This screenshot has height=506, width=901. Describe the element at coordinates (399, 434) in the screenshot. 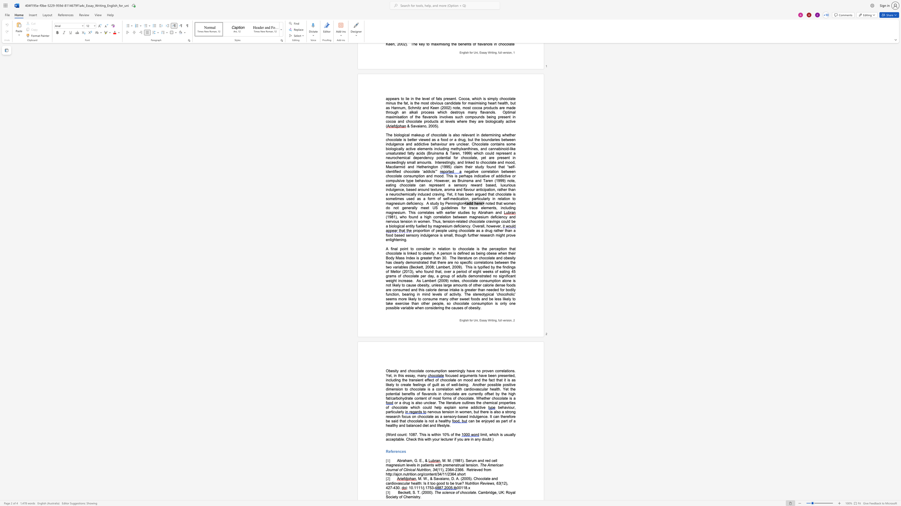

I see `the space between the continuous character "c" and "o" in the text` at that location.